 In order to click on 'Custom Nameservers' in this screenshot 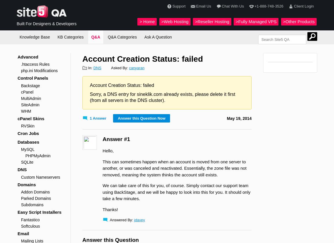, I will do `click(40, 176)`.